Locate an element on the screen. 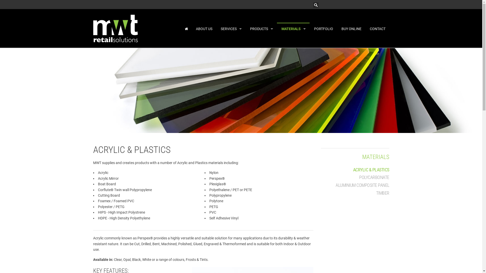  'PRODUCTS' is located at coordinates (261, 29).